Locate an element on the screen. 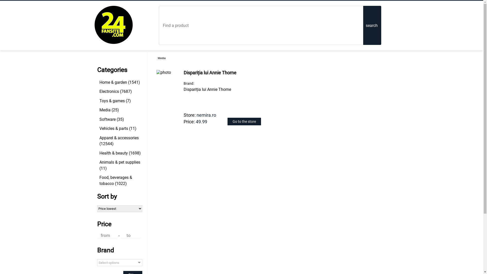 The width and height of the screenshot is (487, 274). 'Software (35)' is located at coordinates (120, 119).